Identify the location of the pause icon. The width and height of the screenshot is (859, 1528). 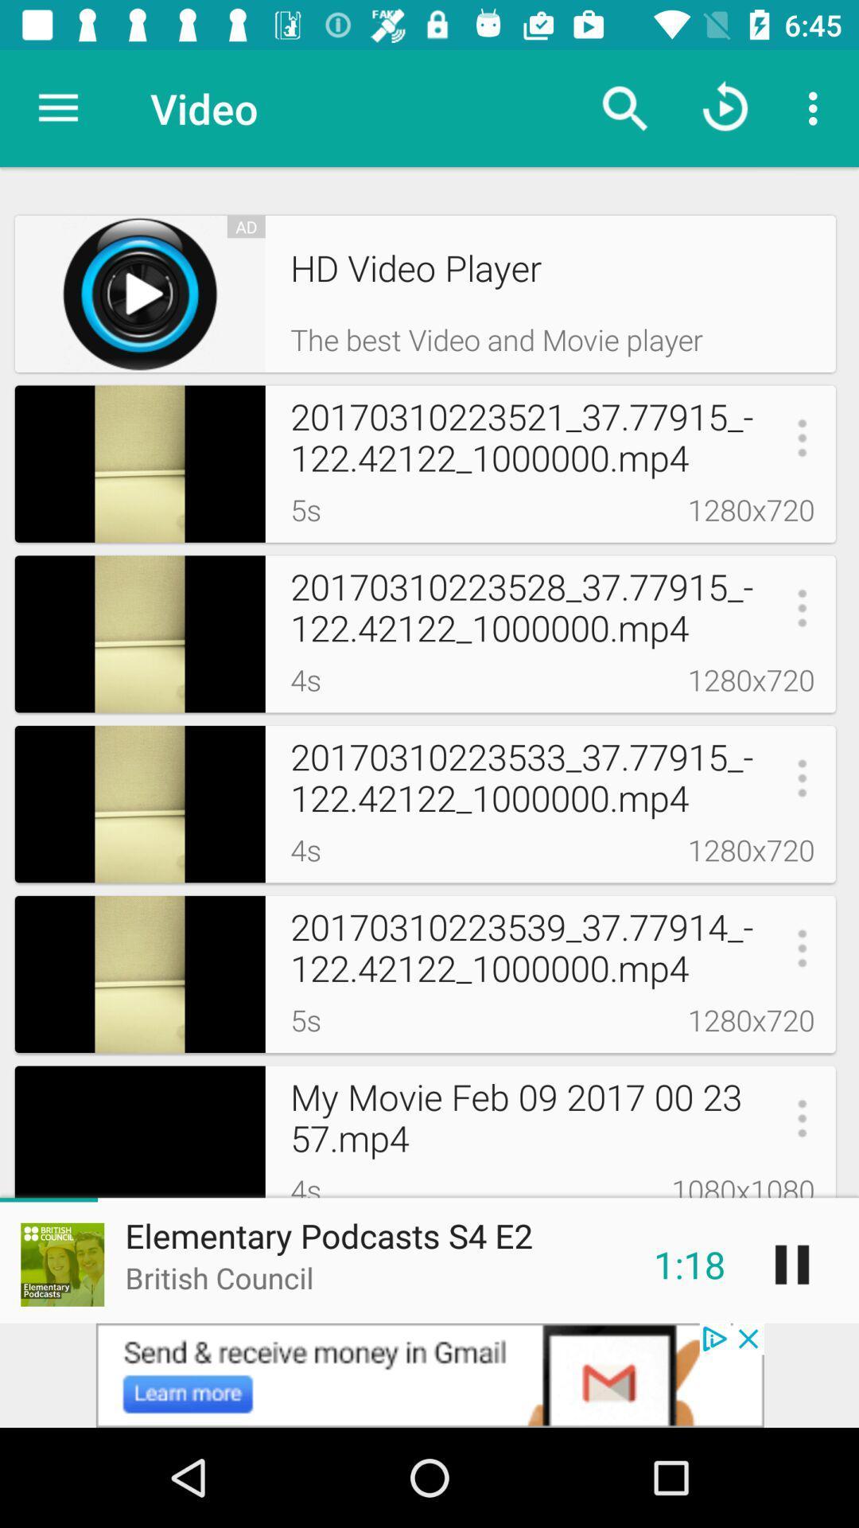
(791, 1264).